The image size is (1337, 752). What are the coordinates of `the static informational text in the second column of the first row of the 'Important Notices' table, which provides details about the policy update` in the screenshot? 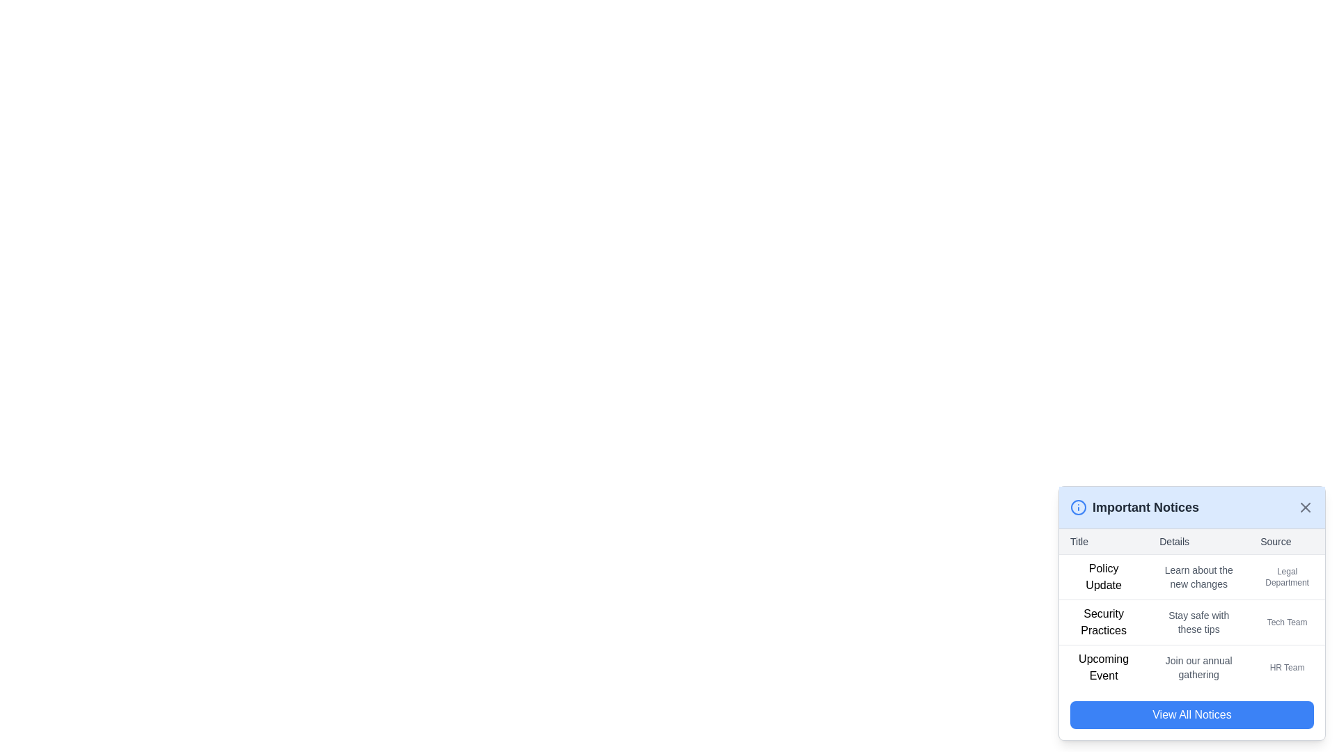 It's located at (1198, 577).